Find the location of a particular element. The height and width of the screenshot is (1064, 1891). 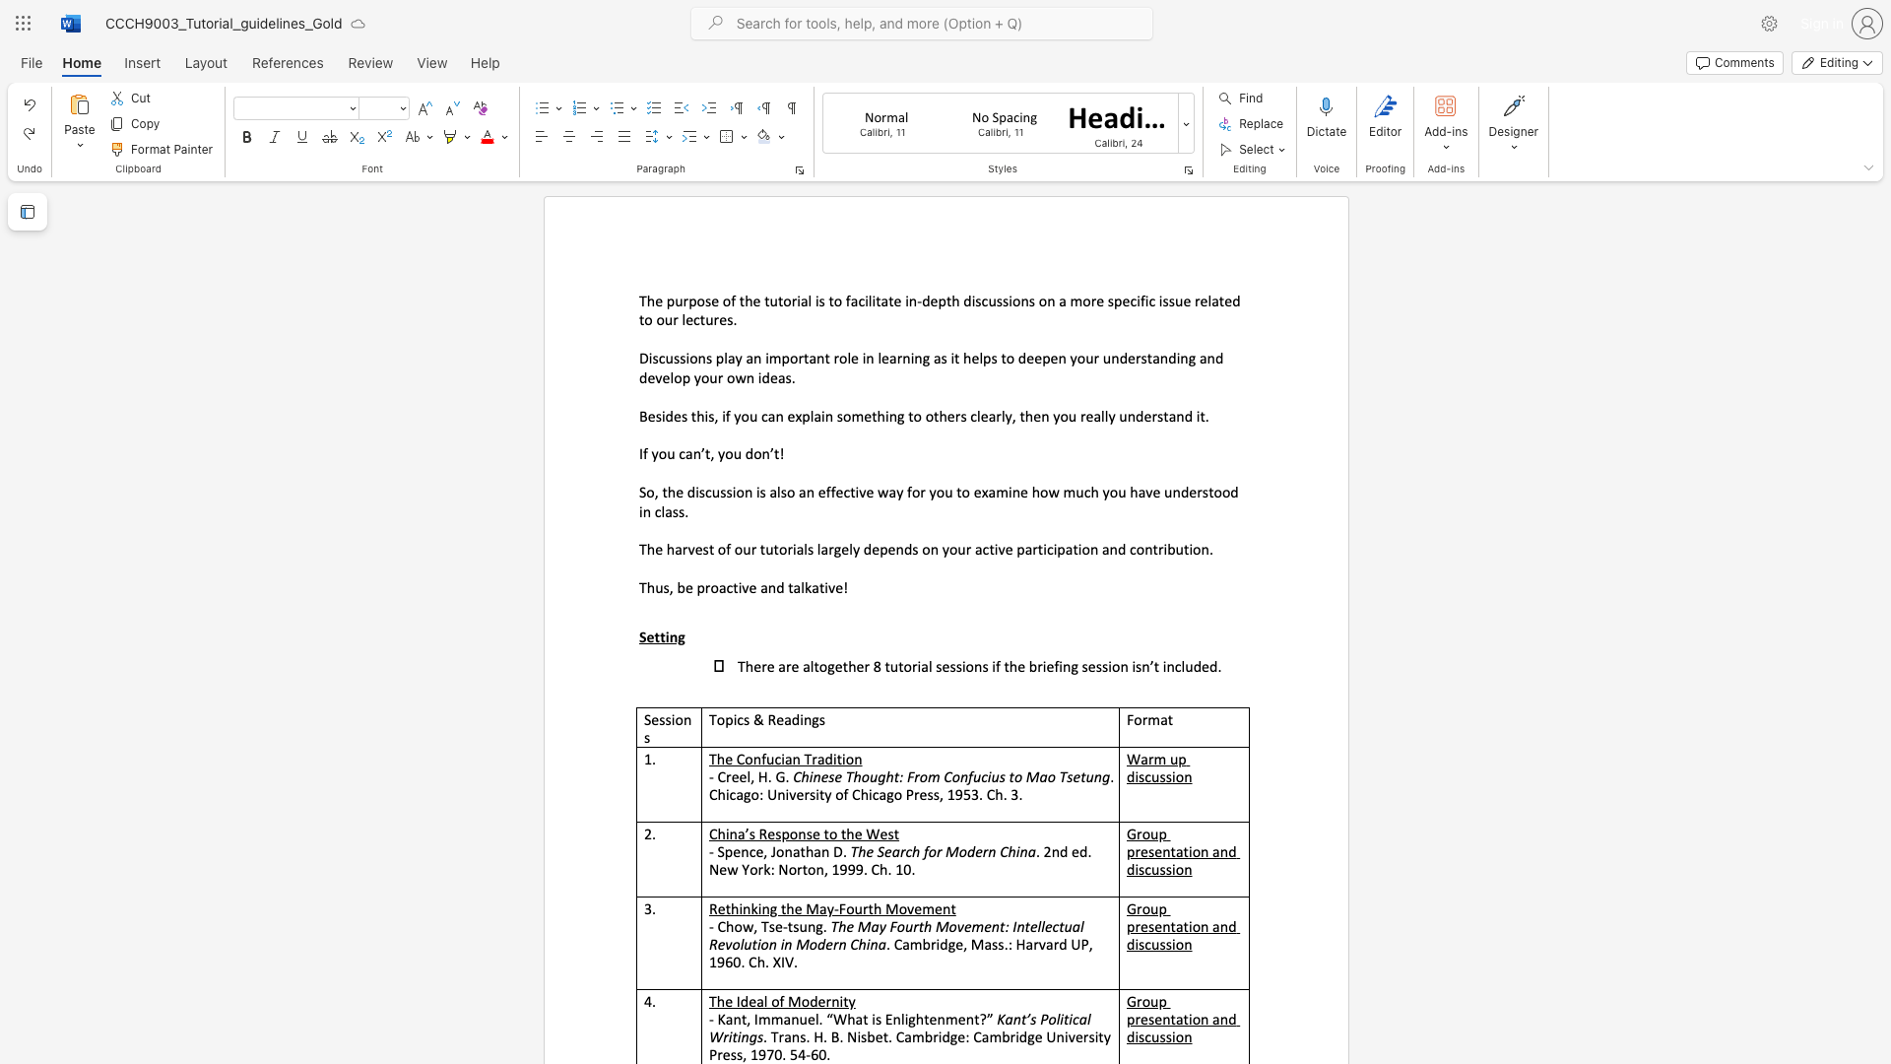

the subset text "ns. H. B. Ni" within the text ". Trans. H. B. Nisbet. Cambridge: Cambridge University Press, 1970. 54-60." is located at coordinates (791, 1035).